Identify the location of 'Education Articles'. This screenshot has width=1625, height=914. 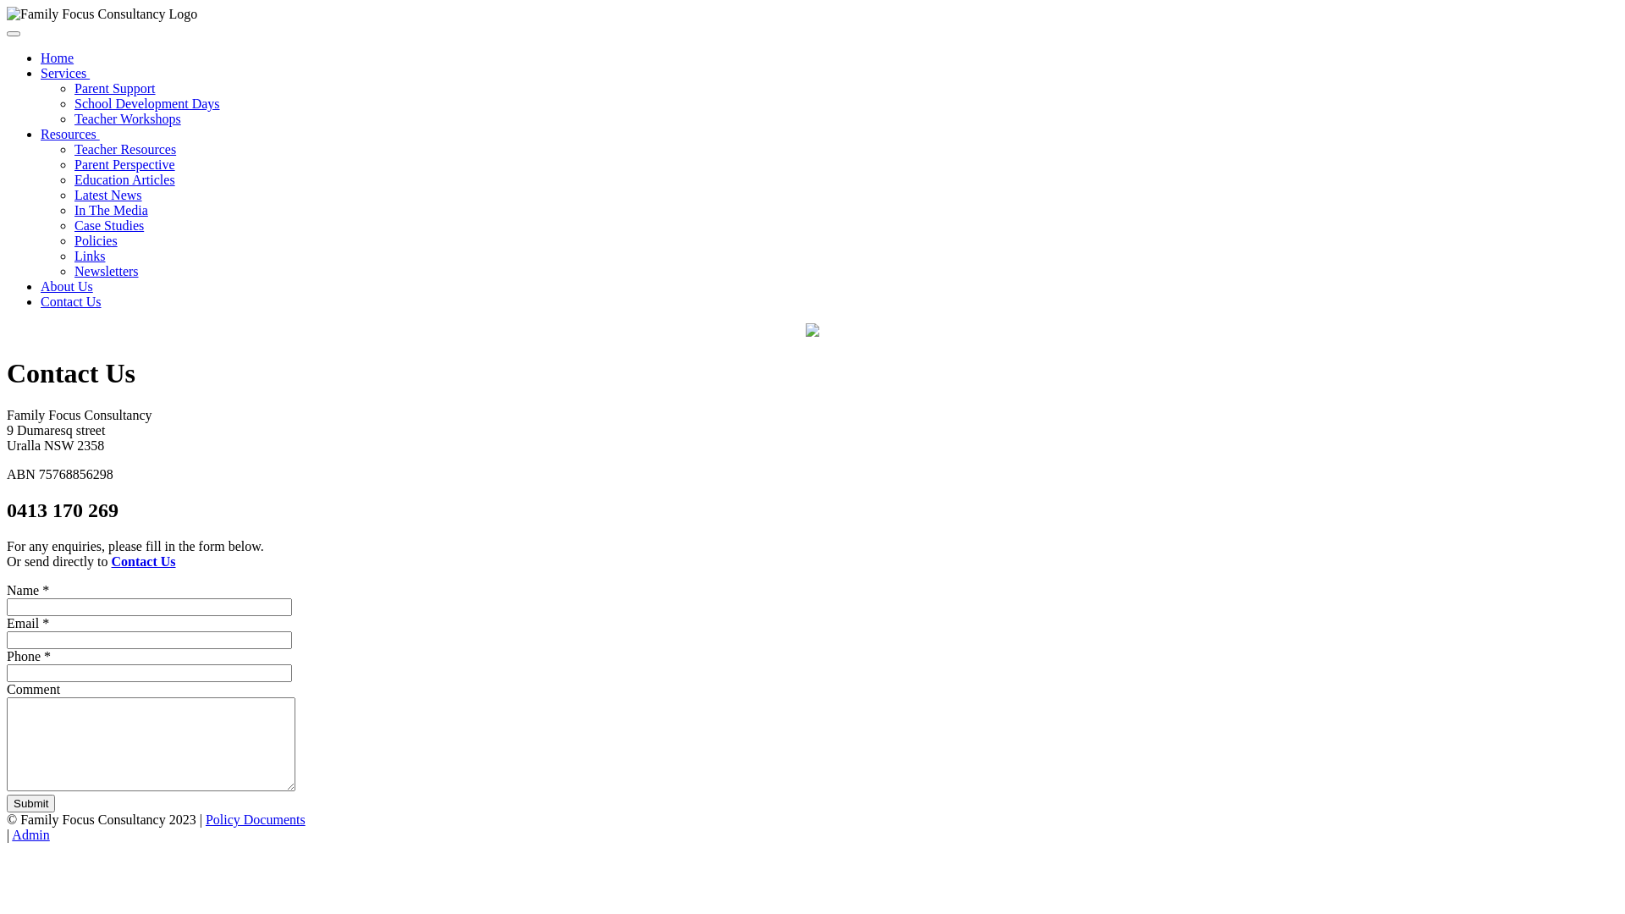
(73, 179).